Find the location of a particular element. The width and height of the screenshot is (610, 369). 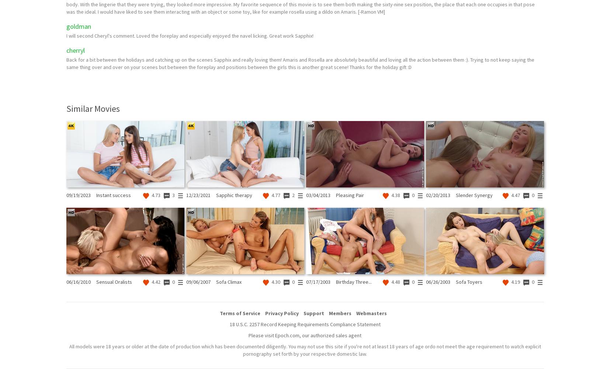

'3' is located at coordinates (173, 195).